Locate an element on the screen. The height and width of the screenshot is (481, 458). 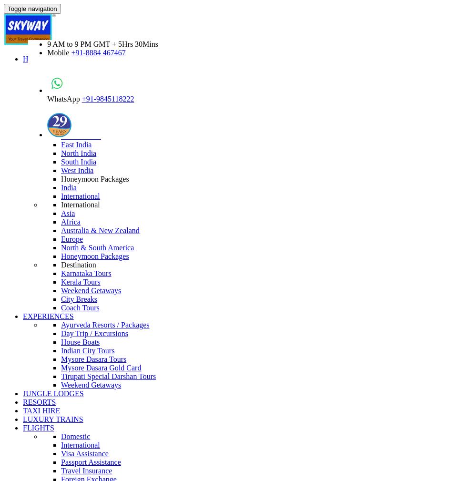
'Tirupati Special Darshan Tours' is located at coordinates (108, 376).